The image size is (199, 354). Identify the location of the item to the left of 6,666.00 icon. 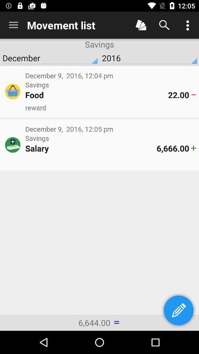
(91, 148).